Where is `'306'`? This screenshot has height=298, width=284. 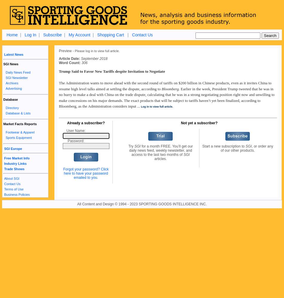 '306' is located at coordinates (84, 63).